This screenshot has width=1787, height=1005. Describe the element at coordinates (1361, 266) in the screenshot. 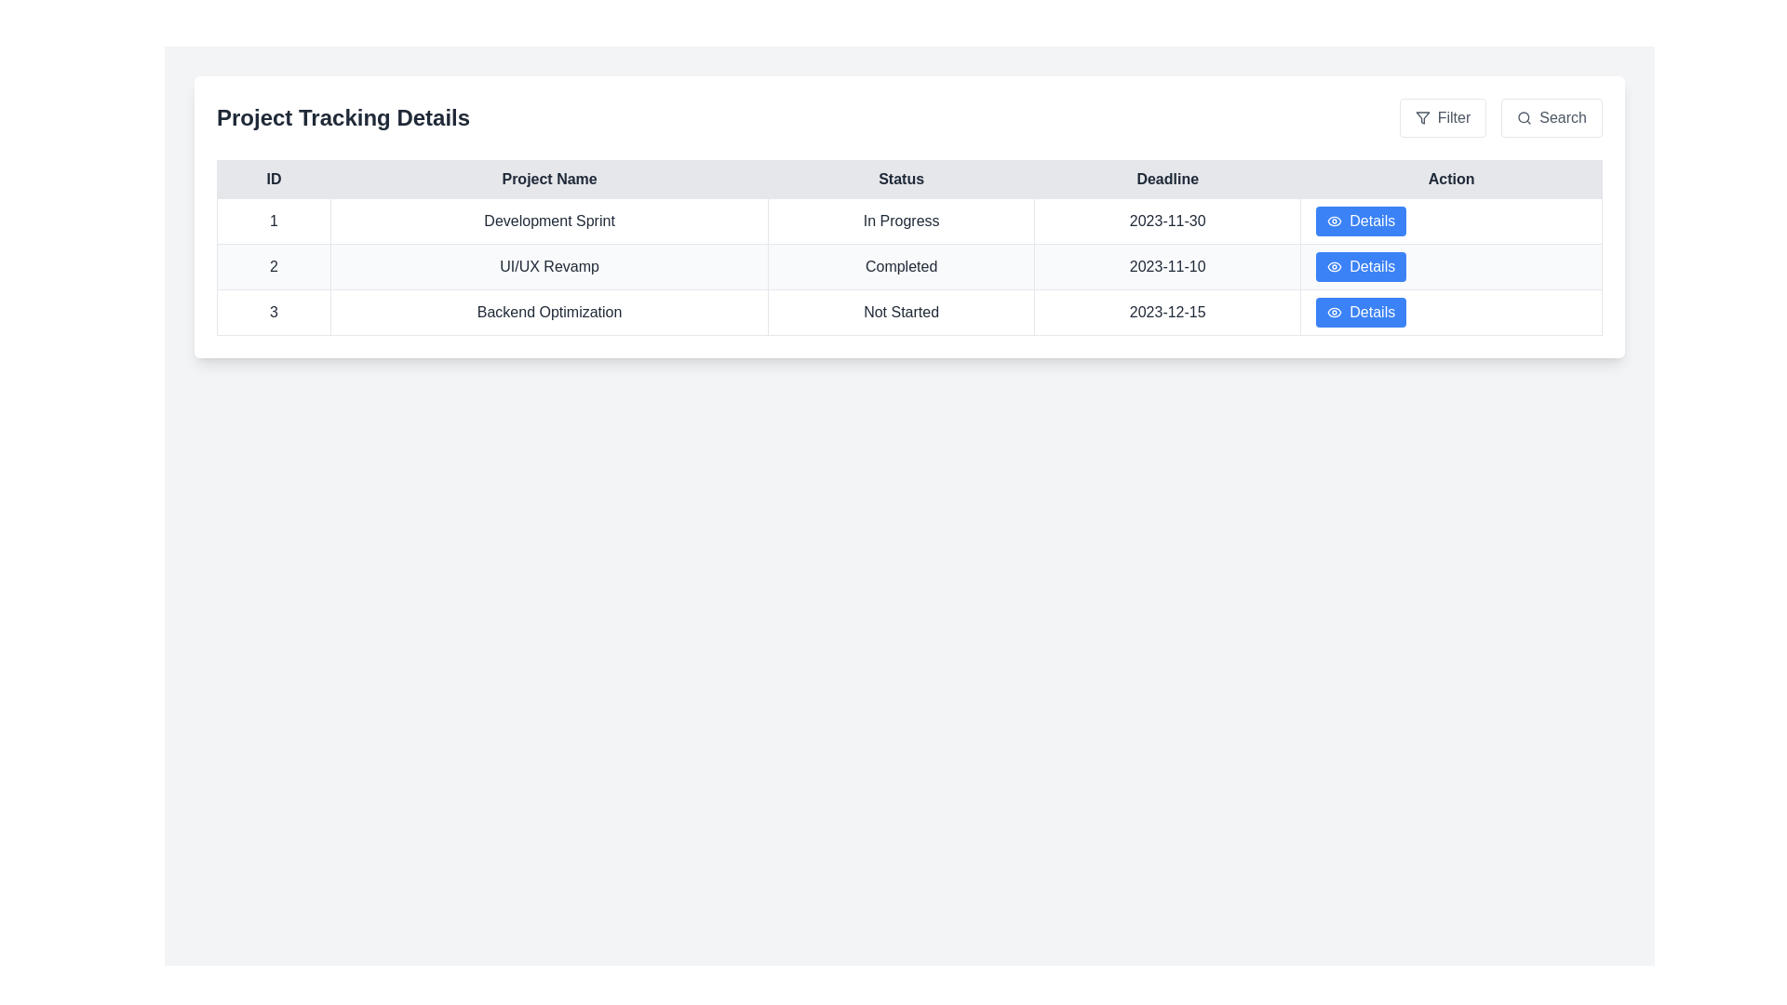

I see `the blue button with rounded corners labeled 'Details' located in the 'Action' column of the second row adjacent to the 'UI/UX Revamp' project name` at that location.